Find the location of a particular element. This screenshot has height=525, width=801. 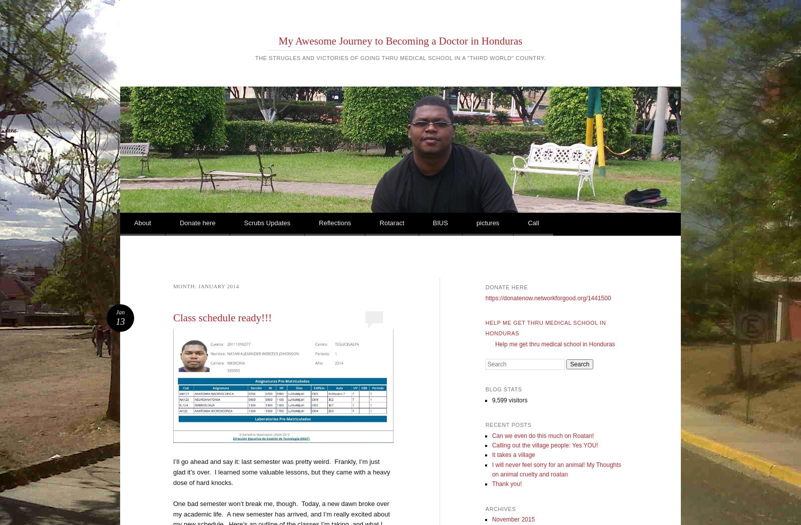

'Blog Stats' is located at coordinates (503, 389).